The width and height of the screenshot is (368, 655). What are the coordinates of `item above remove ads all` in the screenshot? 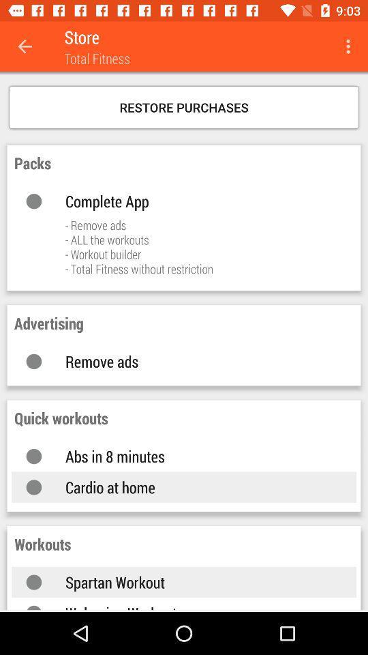 It's located at (196, 200).